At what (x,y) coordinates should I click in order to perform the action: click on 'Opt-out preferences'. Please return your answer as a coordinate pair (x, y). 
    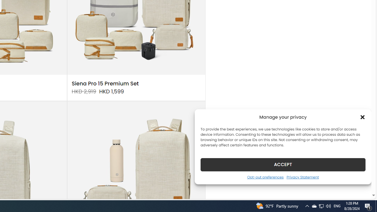
    Looking at the image, I should click on (265, 177).